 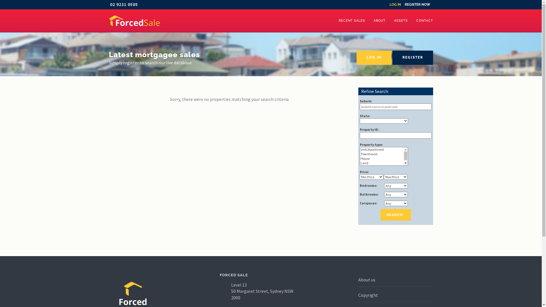 What do you see at coordinates (367, 279) in the screenshot?
I see `'About us'` at bounding box center [367, 279].